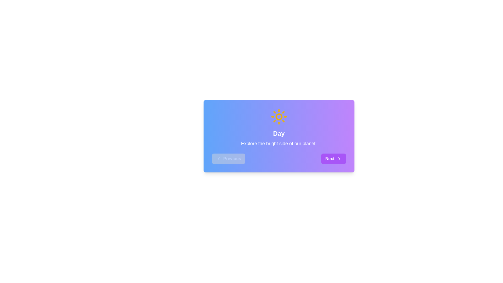 This screenshot has width=503, height=283. What do you see at coordinates (333, 158) in the screenshot?
I see `the button located at the bottom-right corner of the navigation layout` at bounding box center [333, 158].